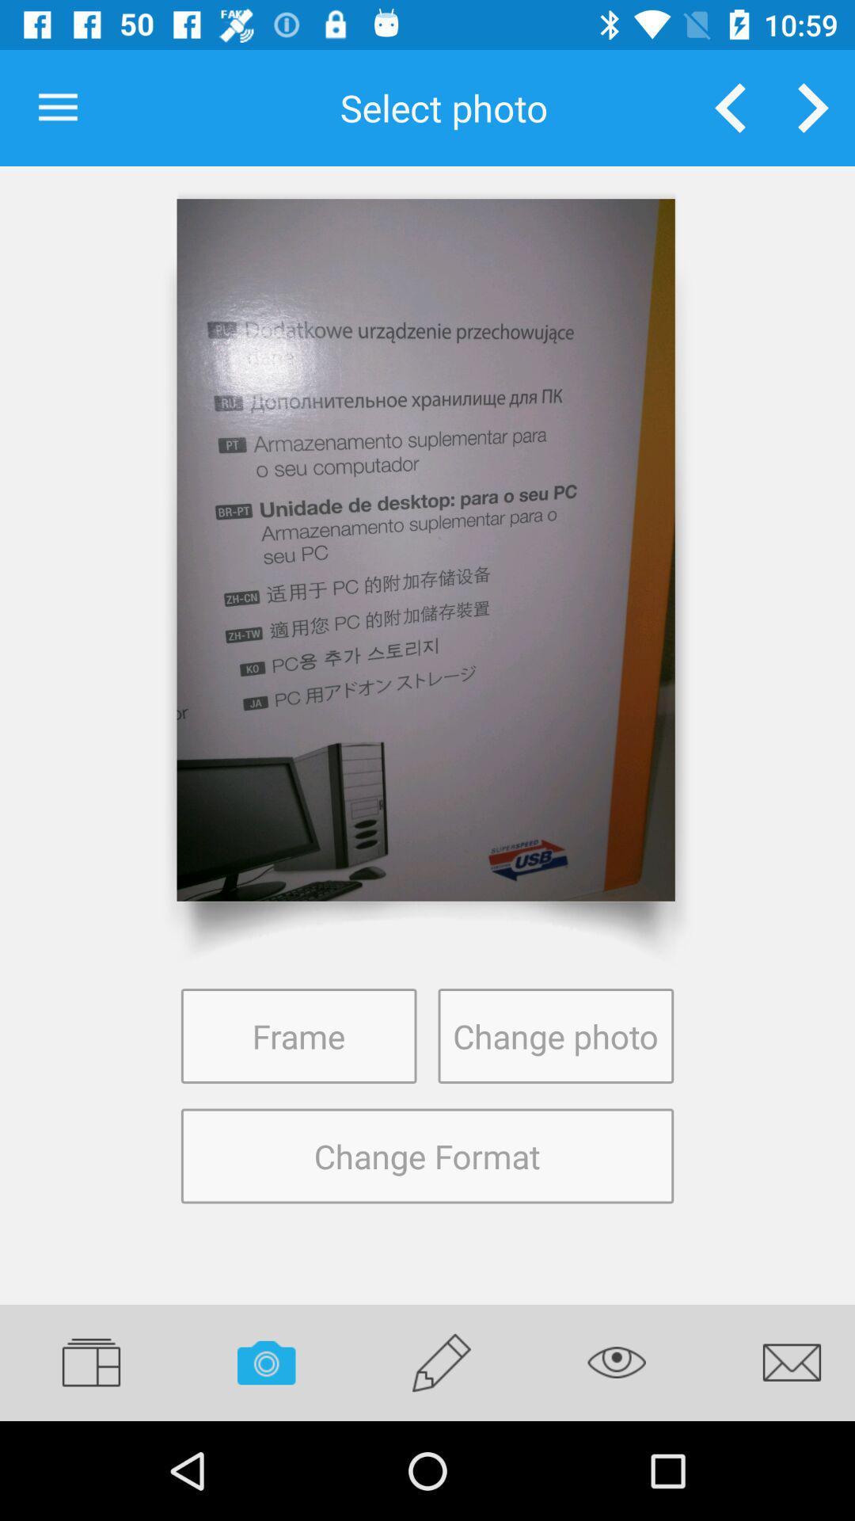 Image resolution: width=855 pixels, height=1521 pixels. I want to click on the item below the select photo icon, so click(425, 550).